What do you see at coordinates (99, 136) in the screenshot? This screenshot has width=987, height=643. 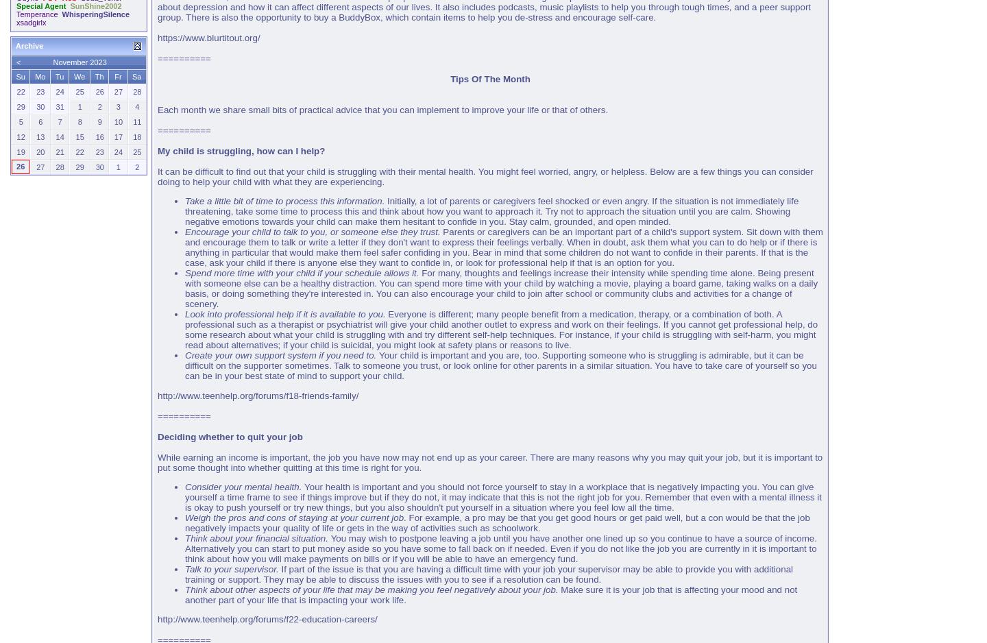 I see `'16'` at bounding box center [99, 136].